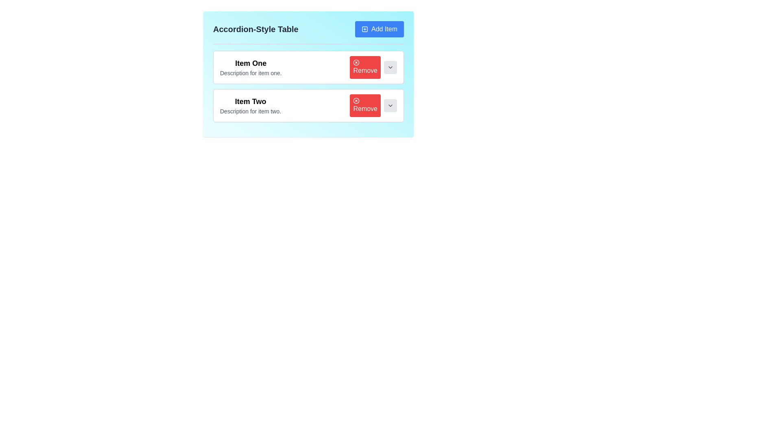  I want to click on the blue square icon with a plus sign located to the left of the 'Add Item' button in the upper-right section of the interface, so click(364, 29).